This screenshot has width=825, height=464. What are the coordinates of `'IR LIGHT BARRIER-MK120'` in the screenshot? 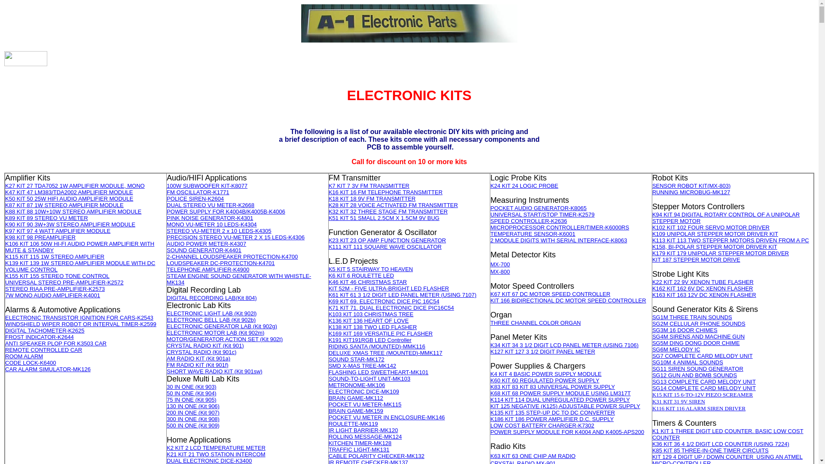 It's located at (328, 430).